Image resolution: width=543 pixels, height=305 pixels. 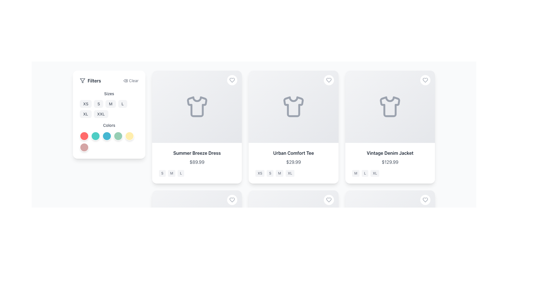 What do you see at coordinates (293, 162) in the screenshot?
I see `the text label displaying the price "$29.99" located beneath the product name "Urban Comfort Tee" in the middle product card` at bounding box center [293, 162].